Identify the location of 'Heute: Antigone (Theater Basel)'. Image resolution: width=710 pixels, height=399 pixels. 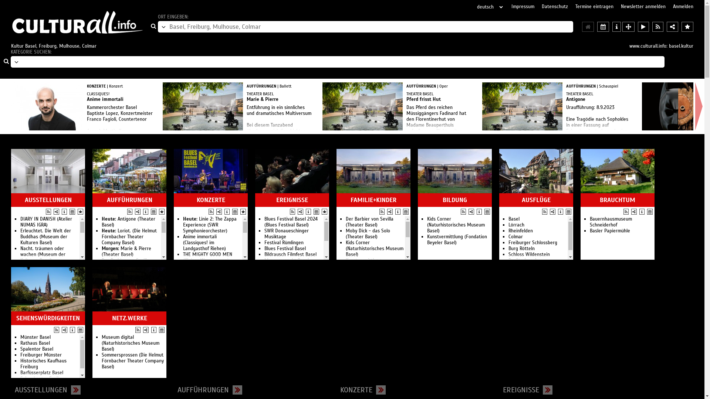
(128, 222).